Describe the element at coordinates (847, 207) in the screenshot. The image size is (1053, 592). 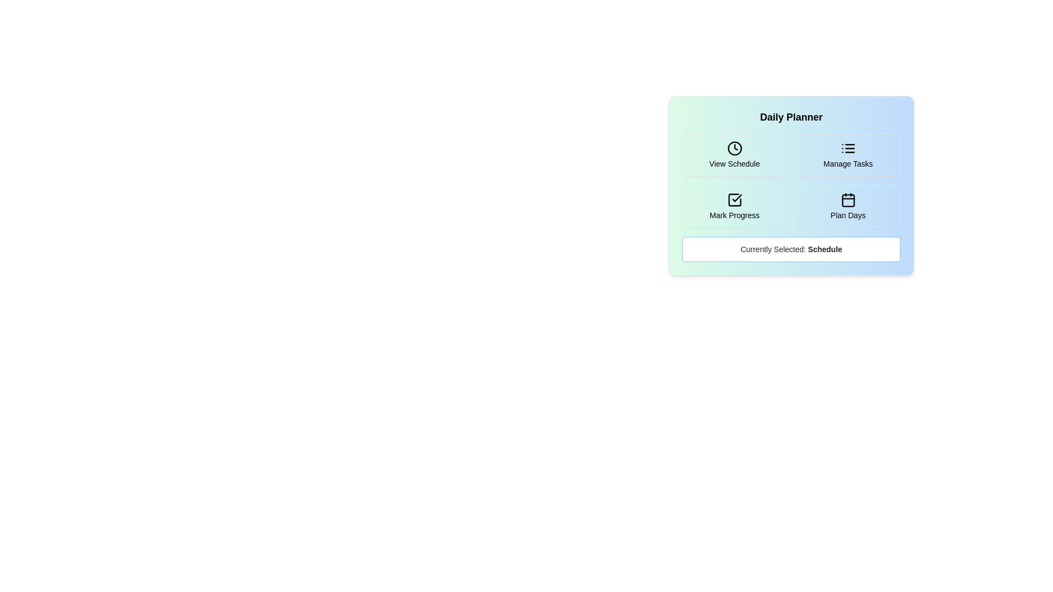
I see `the button corresponding to the activity Plan Days` at that location.